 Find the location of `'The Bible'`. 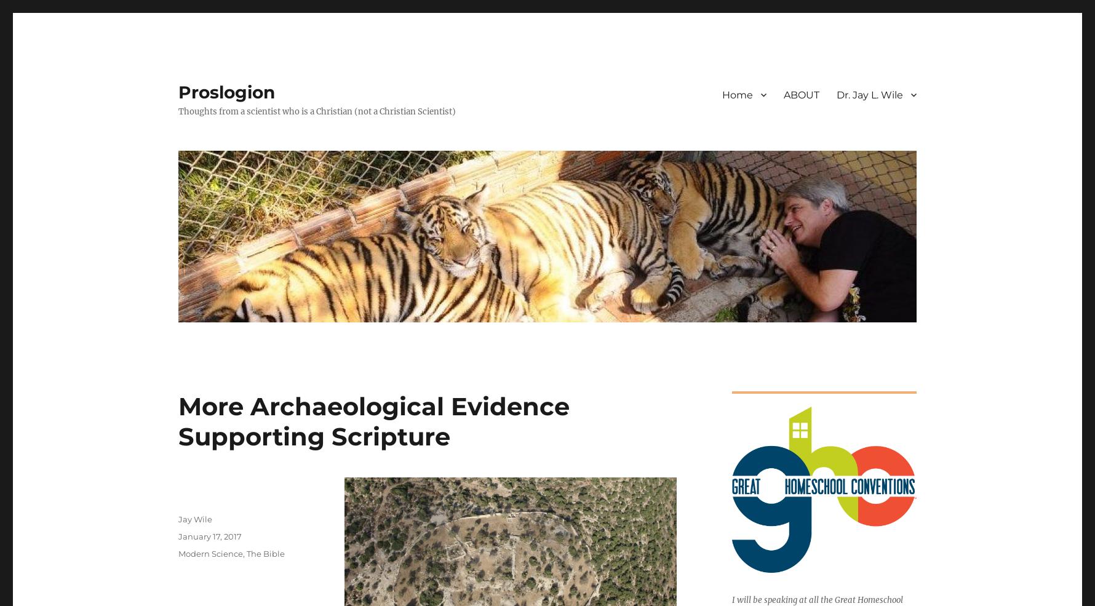

'The Bible' is located at coordinates (265, 553).